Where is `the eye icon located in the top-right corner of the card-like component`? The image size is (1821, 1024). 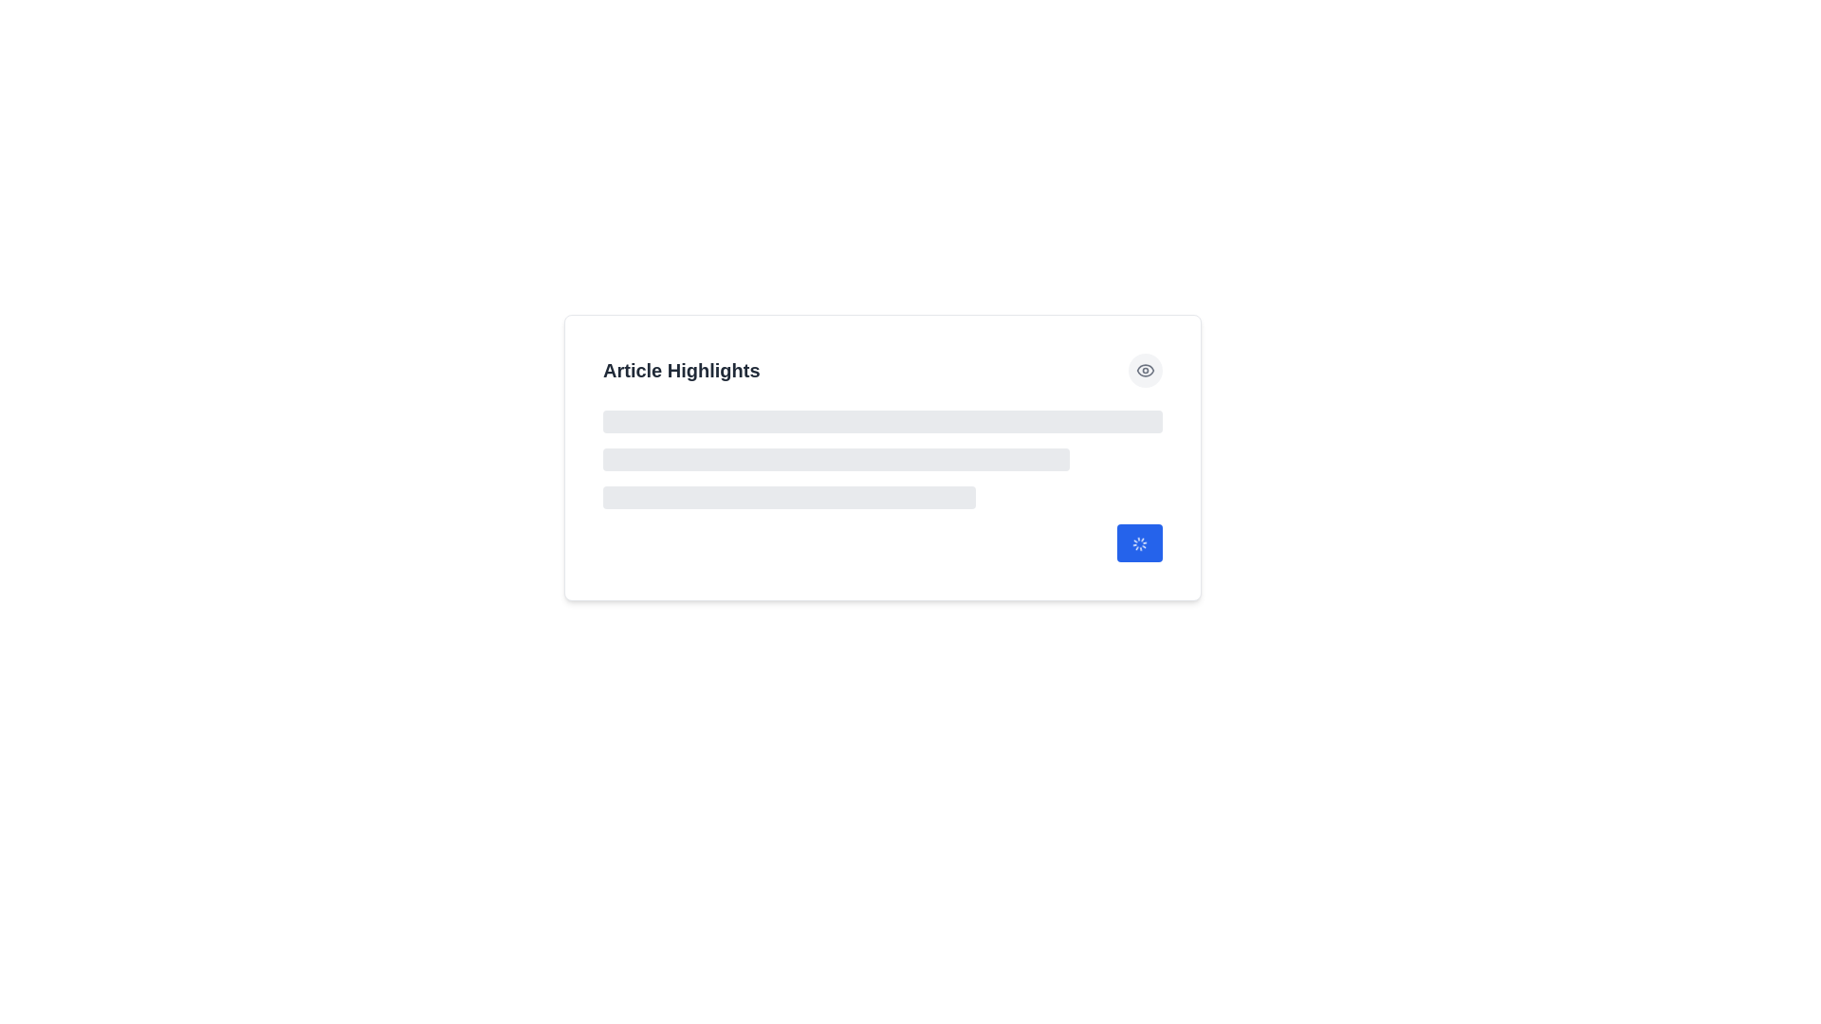
the eye icon located in the top-right corner of the card-like component is located at coordinates (1145, 370).